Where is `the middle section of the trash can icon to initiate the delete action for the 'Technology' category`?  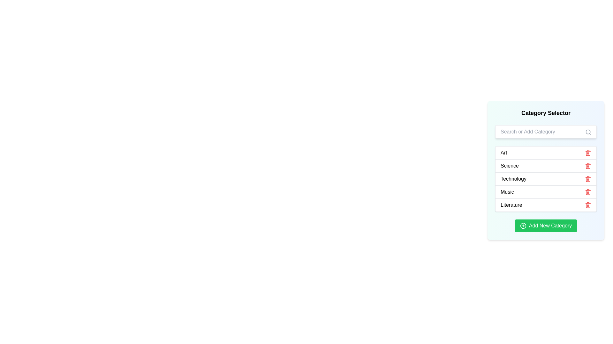 the middle section of the trash can icon to initiate the delete action for the 'Technology' category is located at coordinates (588, 179).